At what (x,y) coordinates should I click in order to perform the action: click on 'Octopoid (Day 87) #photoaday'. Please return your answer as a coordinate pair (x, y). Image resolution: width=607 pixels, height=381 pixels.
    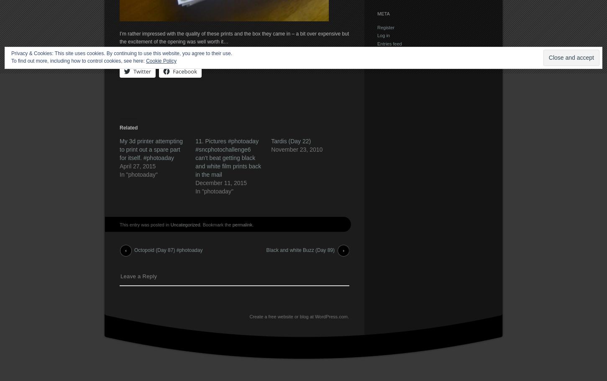
    Looking at the image, I should click on (134, 250).